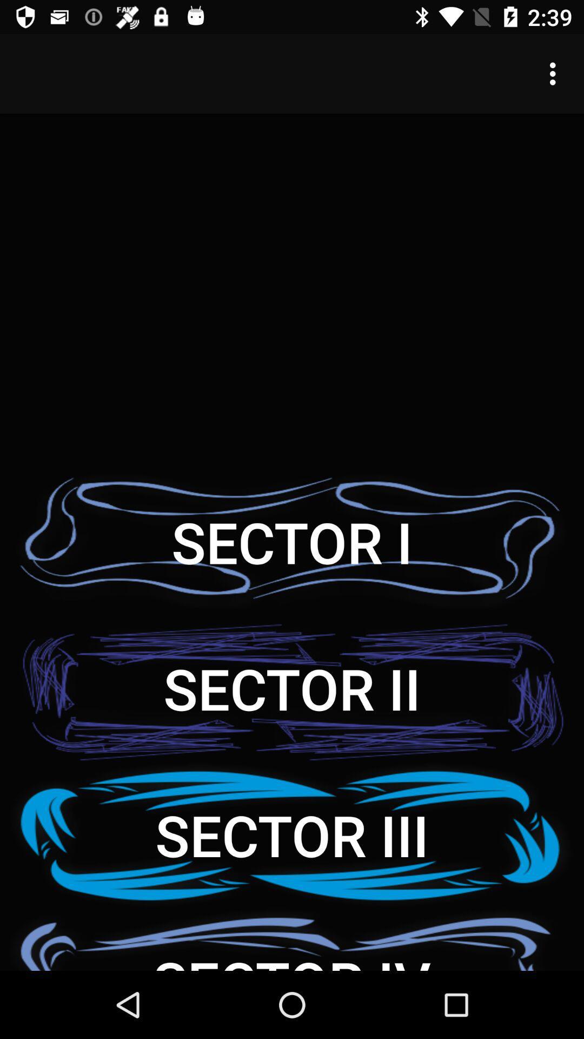 Image resolution: width=584 pixels, height=1039 pixels. I want to click on the item above sector i, so click(555, 73).